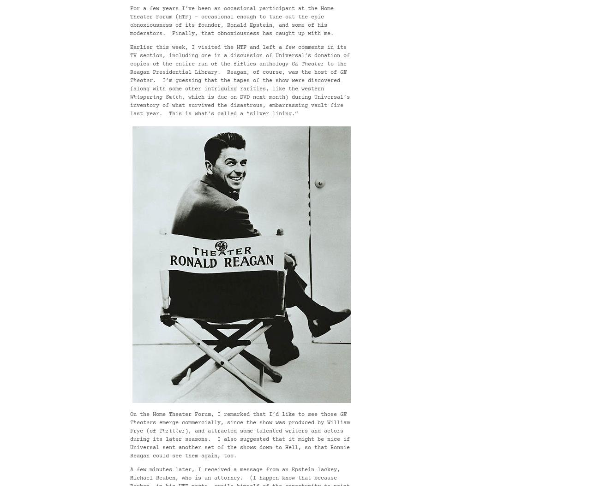 This screenshot has width=600, height=486. What do you see at coordinates (240, 444) in the screenshot?
I see `'), and attracted some talented writers and actors during its later seasons.  I also suggested that it might be nice if Universal sent another set of the shows down to Hell, so that Ronnie Reagan could see them again, too.'` at bounding box center [240, 444].